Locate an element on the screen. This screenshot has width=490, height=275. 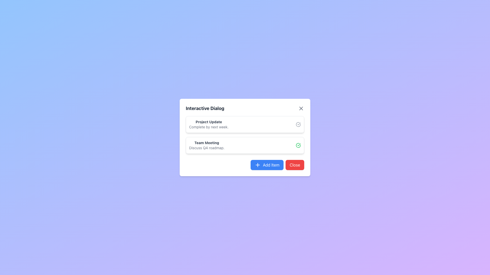
the close button located at the top-right corner of the dialog box is located at coordinates (301, 108).